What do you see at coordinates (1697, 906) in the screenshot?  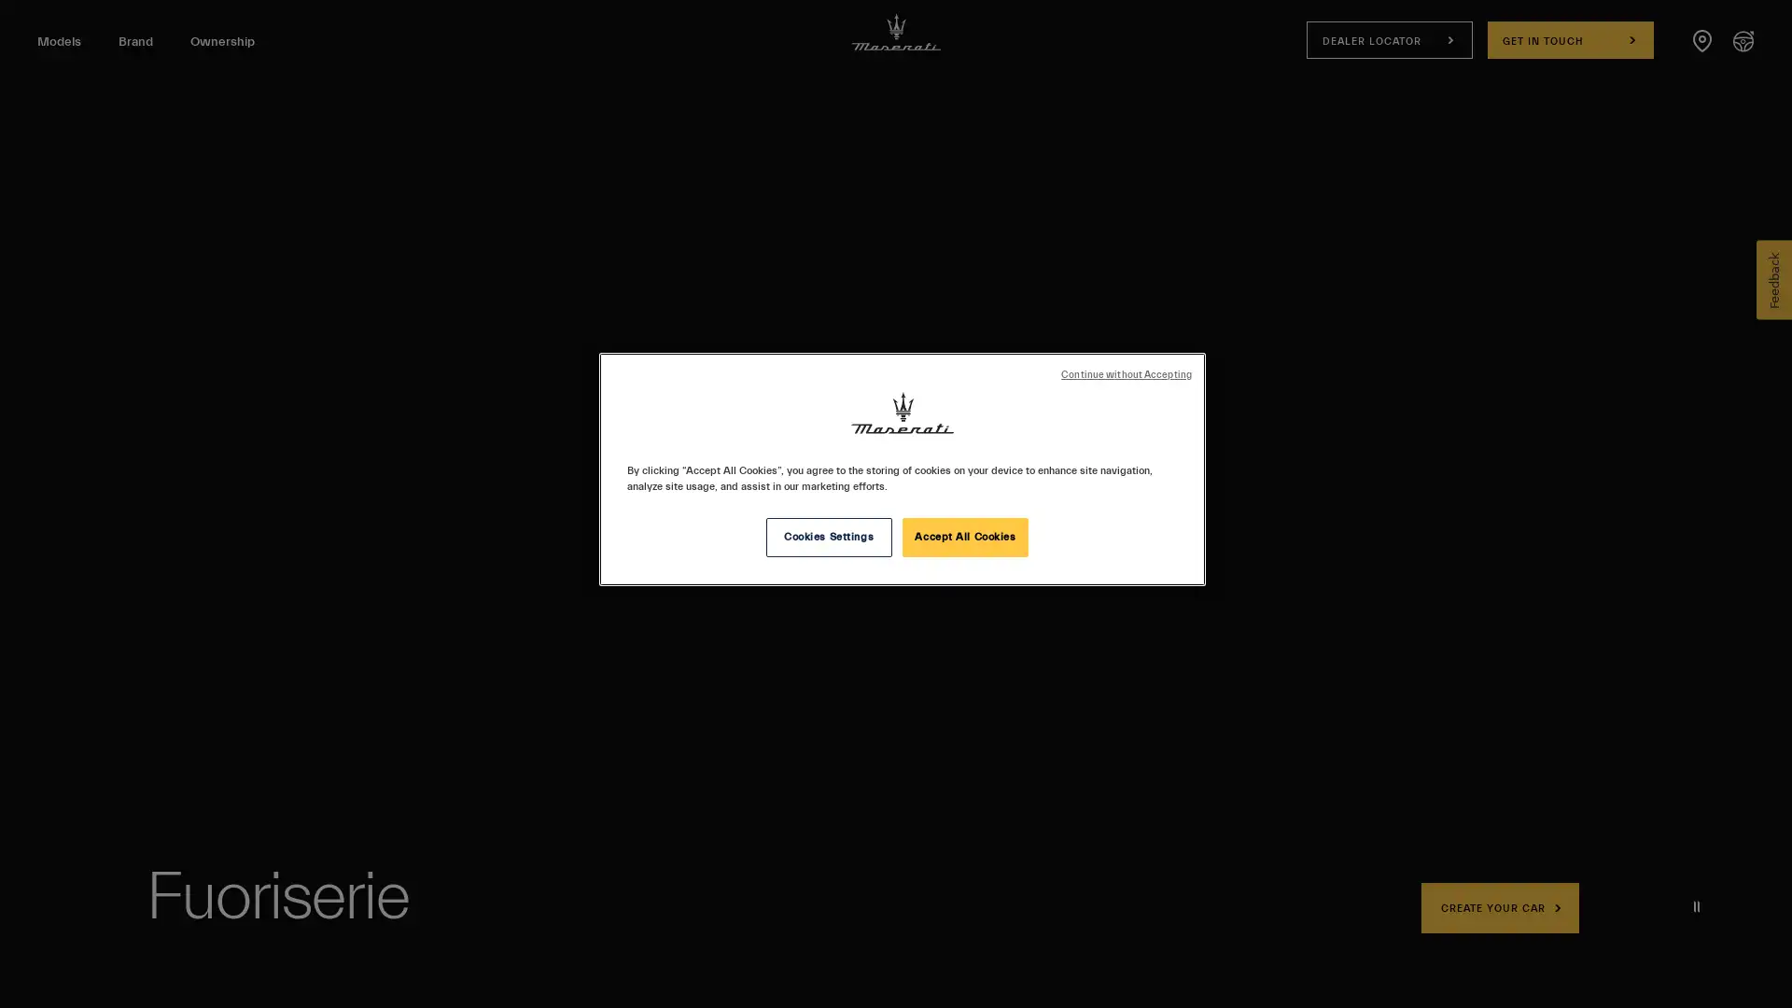 I see `Stop Preview video` at bounding box center [1697, 906].